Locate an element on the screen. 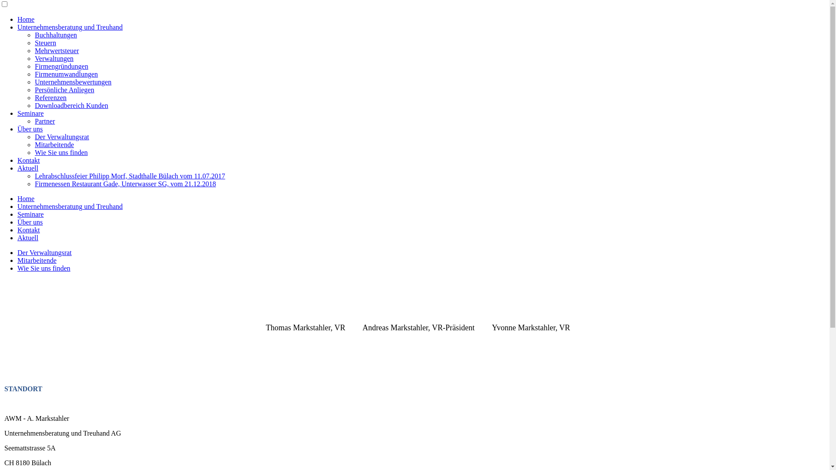 This screenshot has width=836, height=470. 'Wie Sie uns finden' is located at coordinates (43, 268).